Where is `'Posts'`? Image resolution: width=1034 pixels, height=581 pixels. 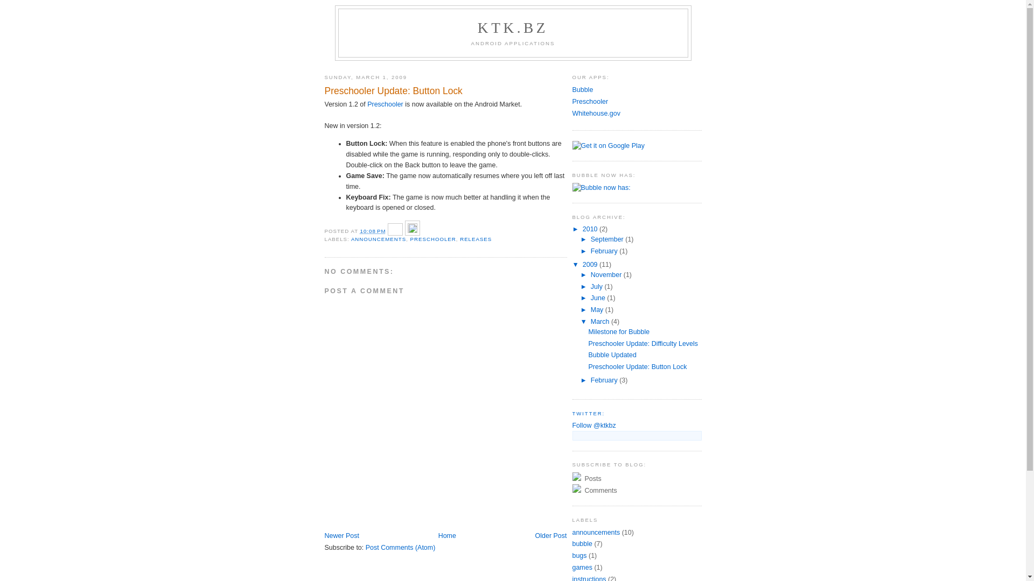
'Posts' is located at coordinates (591, 478).